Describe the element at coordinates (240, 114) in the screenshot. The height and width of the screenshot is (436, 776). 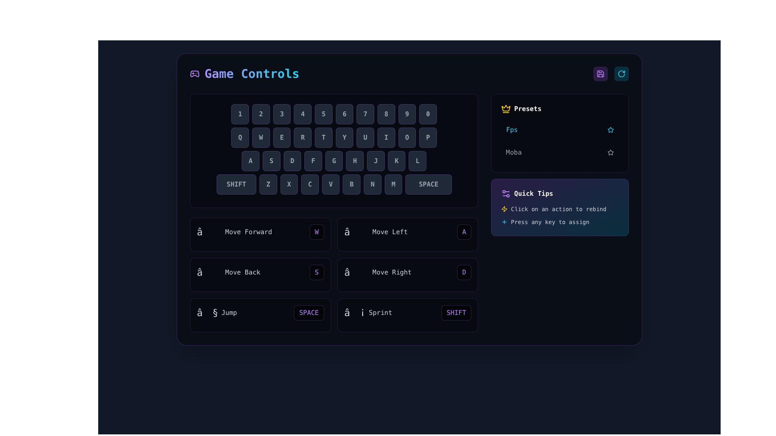
I see `the information of the button representing the number '1', which is the first button in a horizontal row of ten buttons in the top-left corner of its group` at that location.